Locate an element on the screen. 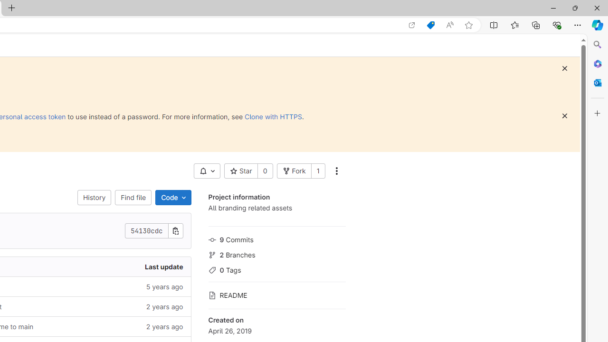 The image size is (608, 342). 'Fork' is located at coordinates (293, 171).